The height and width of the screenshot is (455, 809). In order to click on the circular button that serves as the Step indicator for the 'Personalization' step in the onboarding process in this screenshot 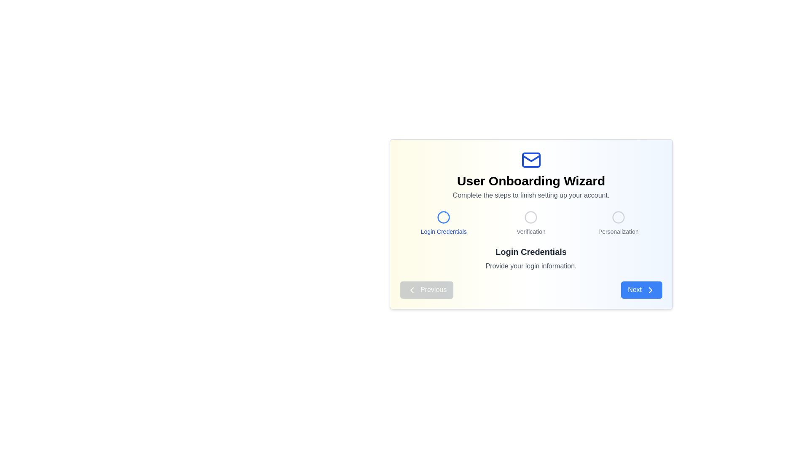, I will do `click(618, 217)`.